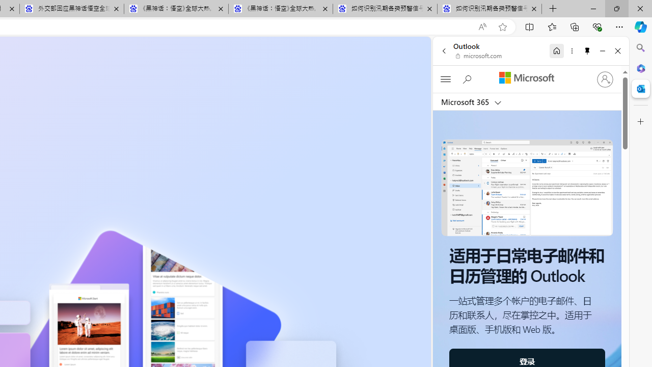 The height and width of the screenshot is (367, 652). I want to click on 'Add this page to favorites (Ctrl+D)', so click(502, 27).